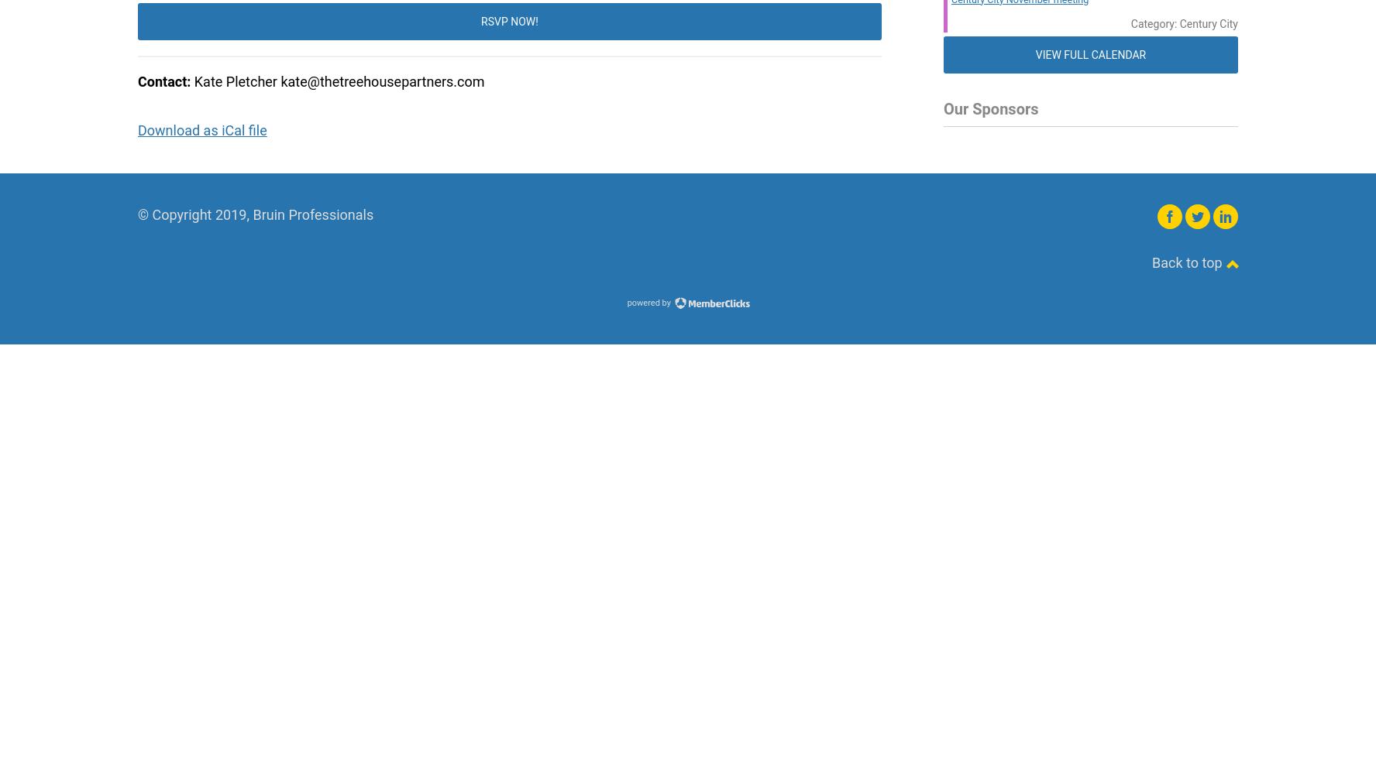  I want to click on 'View Full Calendar', so click(1034, 53).